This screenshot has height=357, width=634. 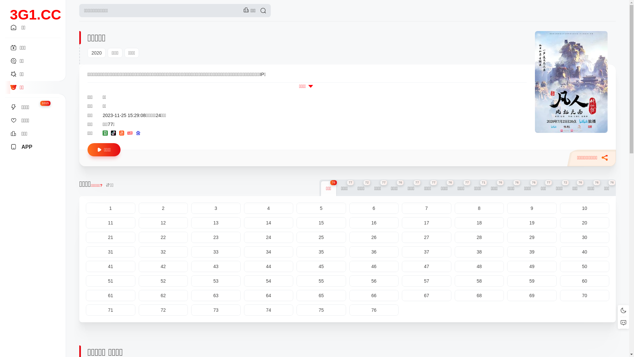 What do you see at coordinates (532, 208) in the screenshot?
I see `'9'` at bounding box center [532, 208].